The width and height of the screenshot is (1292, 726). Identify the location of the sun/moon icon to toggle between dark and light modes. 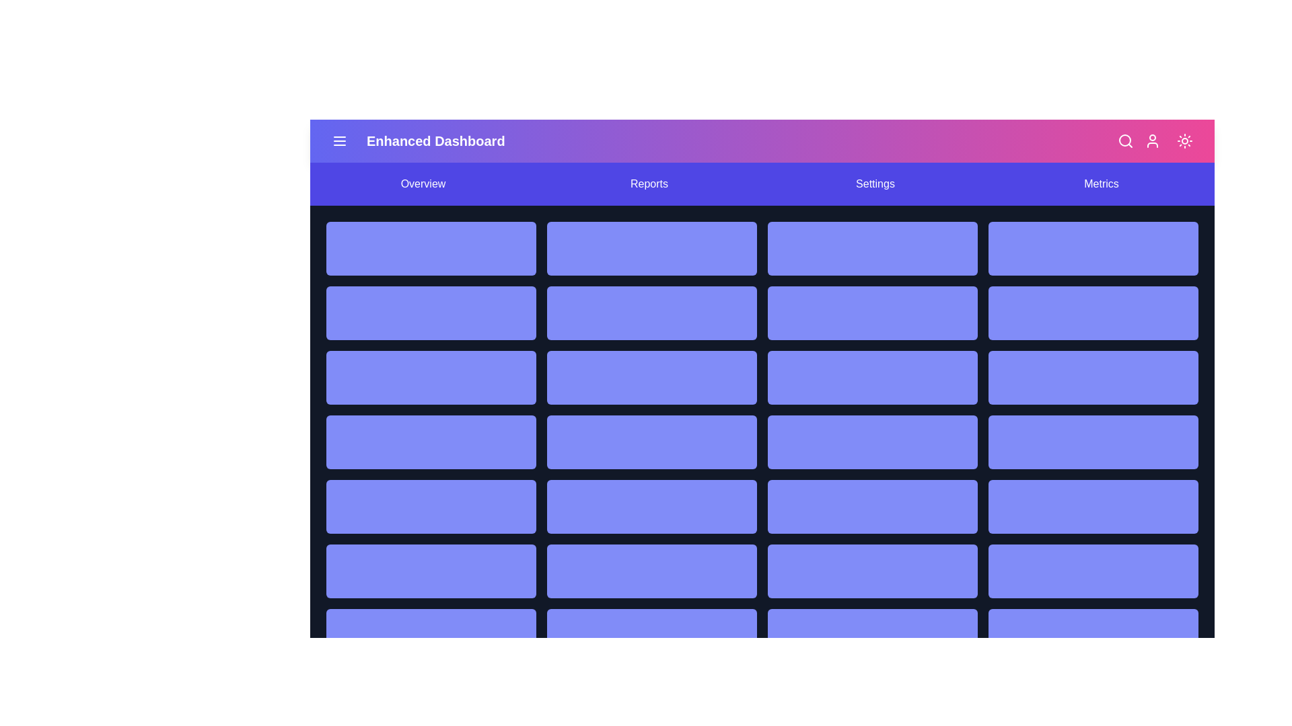
(1185, 140).